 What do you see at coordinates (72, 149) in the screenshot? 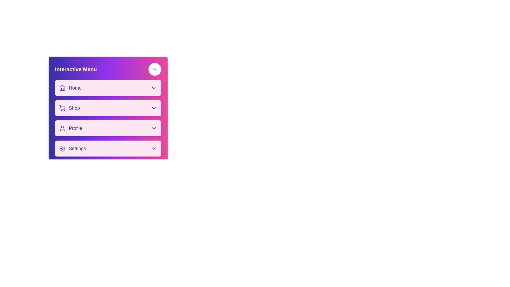
I see `the 'Settings' menu item at the bottom of the menu` at bounding box center [72, 149].